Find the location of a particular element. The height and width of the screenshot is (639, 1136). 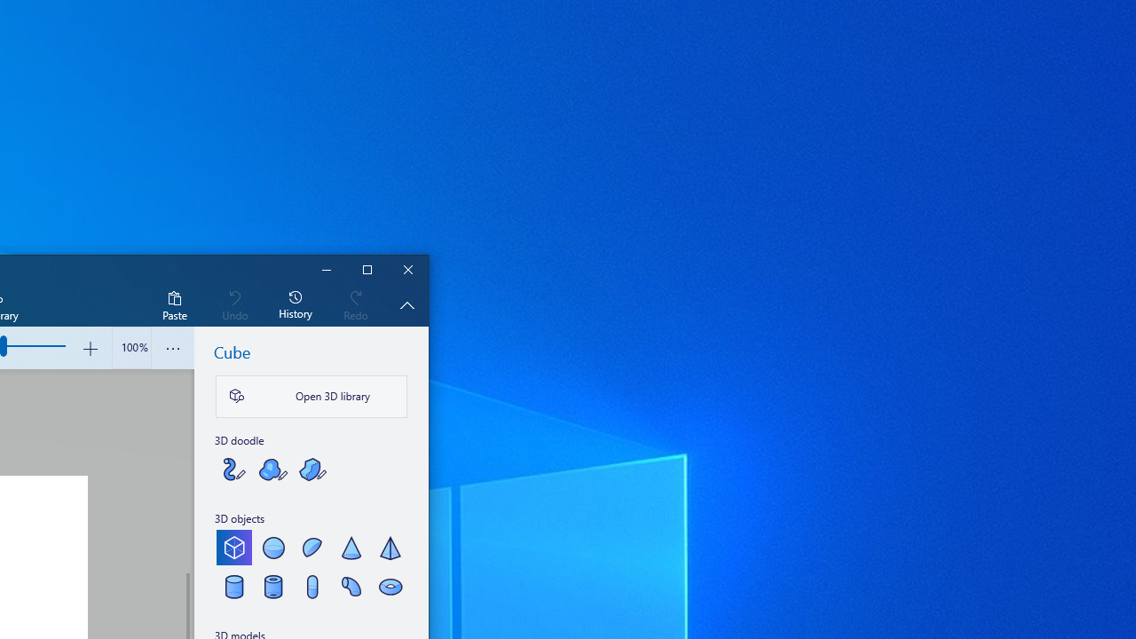

'Tube brush' is located at coordinates (233, 468).